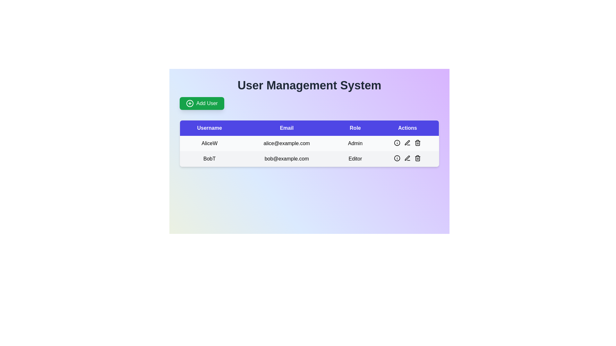 This screenshot has height=346, width=616. What do you see at coordinates (418, 143) in the screenshot?
I see `the trash icon button associated with user 'AliceW' in the 'User Management System'` at bounding box center [418, 143].